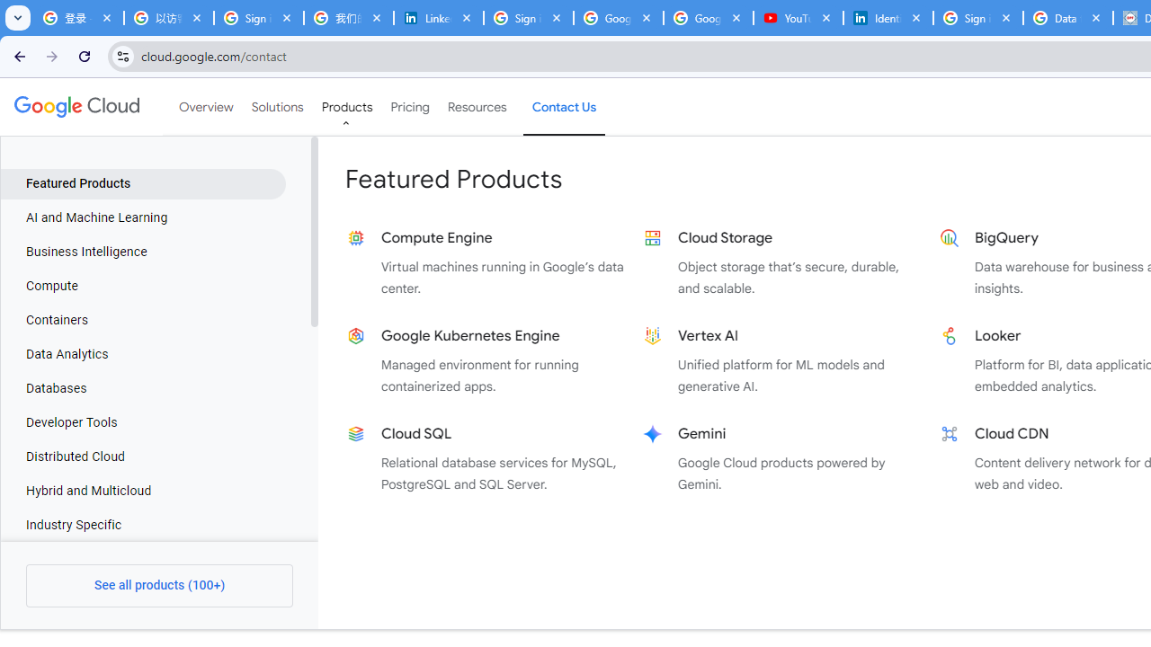  What do you see at coordinates (142, 456) in the screenshot?
I see `'Distributed Cloud'` at bounding box center [142, 456].